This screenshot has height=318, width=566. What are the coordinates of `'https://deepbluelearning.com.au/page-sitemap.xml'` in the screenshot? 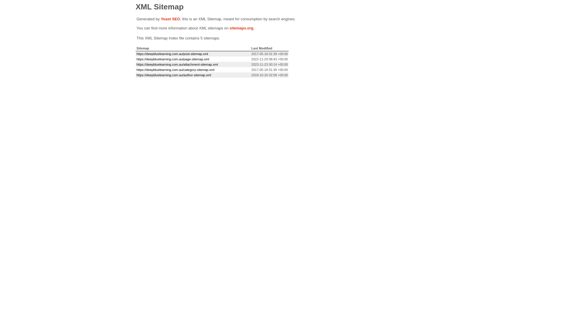 It's located at (172, 59).